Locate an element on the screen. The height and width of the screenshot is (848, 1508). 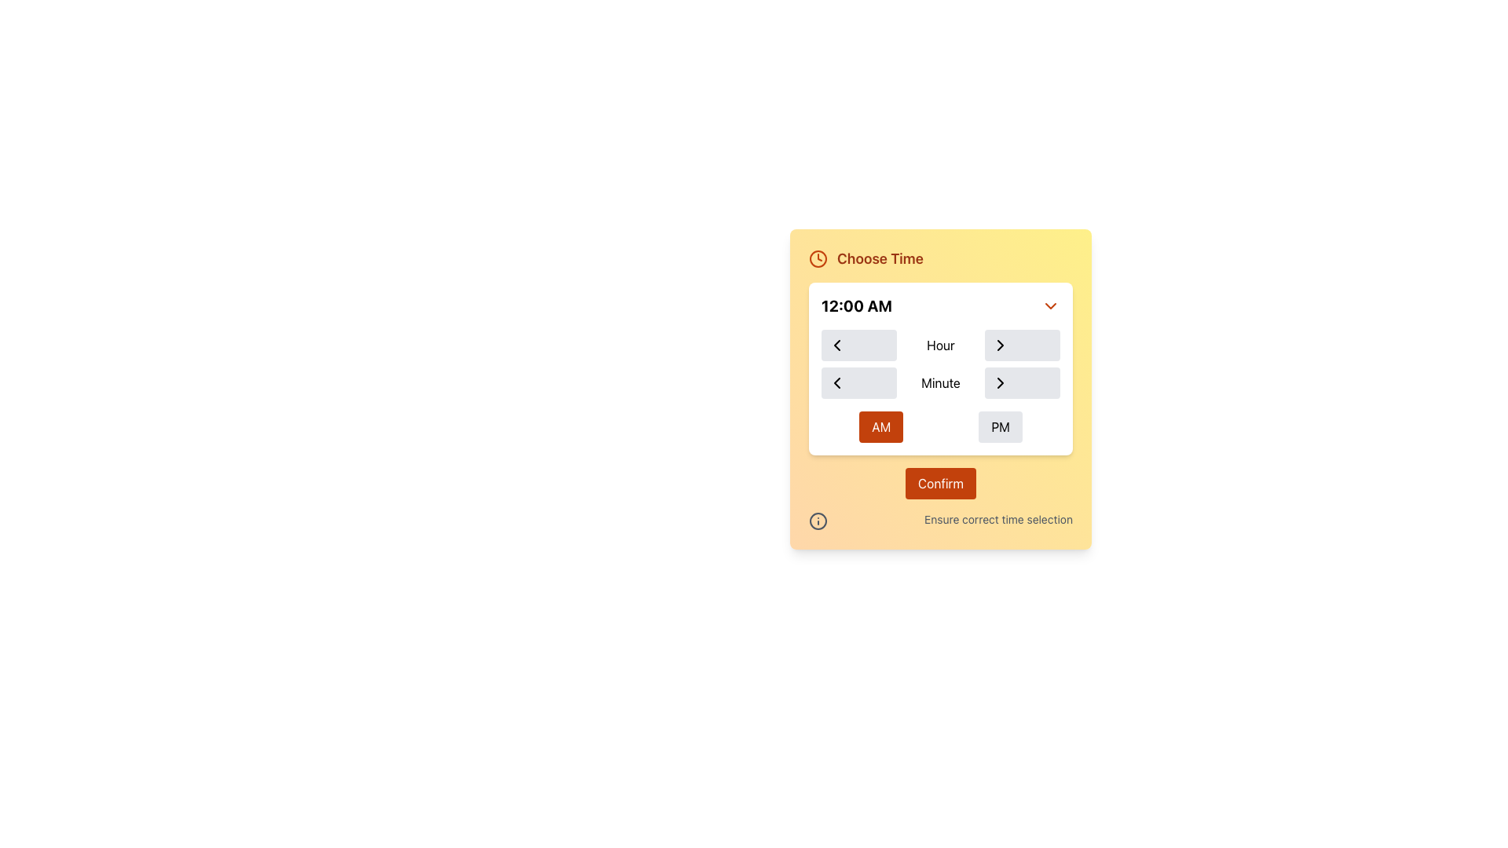
the time display box labeled '12:00 AM' is located at coordinates (941, 305).